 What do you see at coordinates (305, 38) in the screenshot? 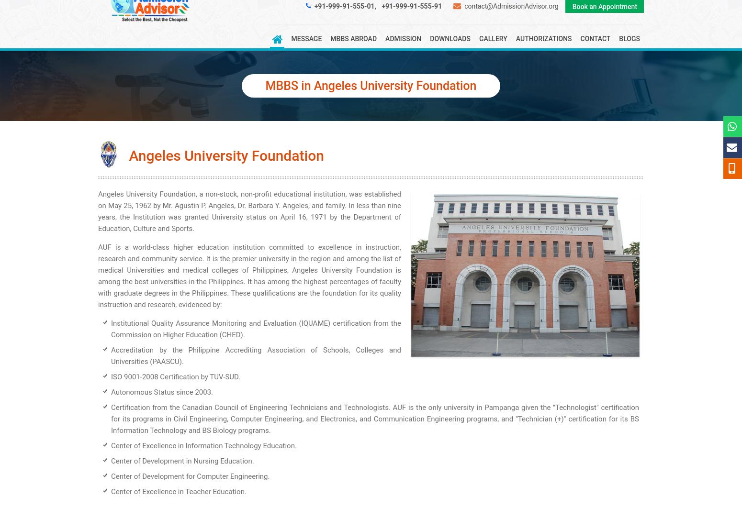
I see `'Message'` at bounding box center [305, 38].